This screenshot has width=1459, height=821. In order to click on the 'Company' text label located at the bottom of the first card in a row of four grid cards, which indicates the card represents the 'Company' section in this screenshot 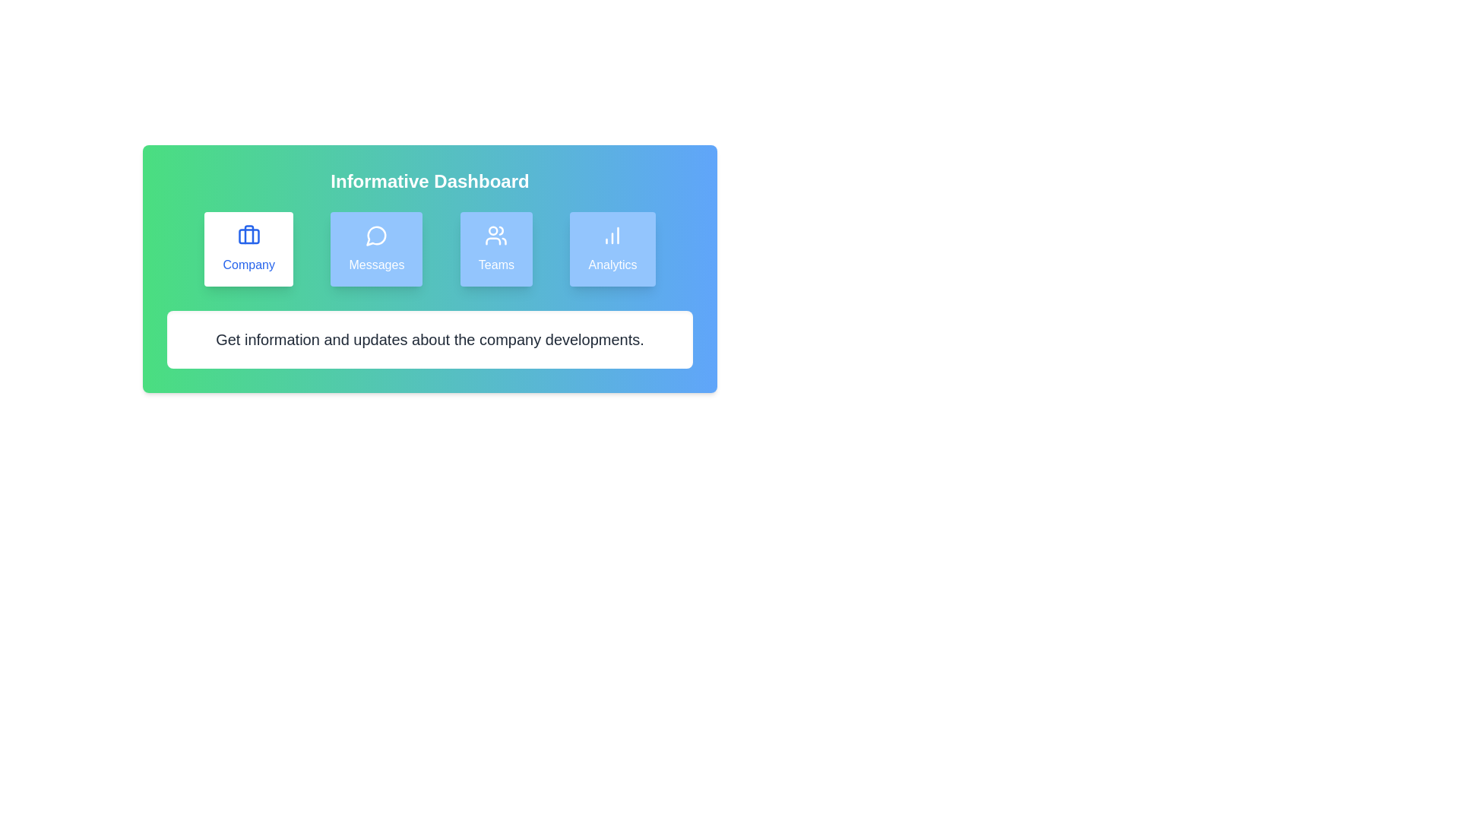, I will do `click(248, 264)`.